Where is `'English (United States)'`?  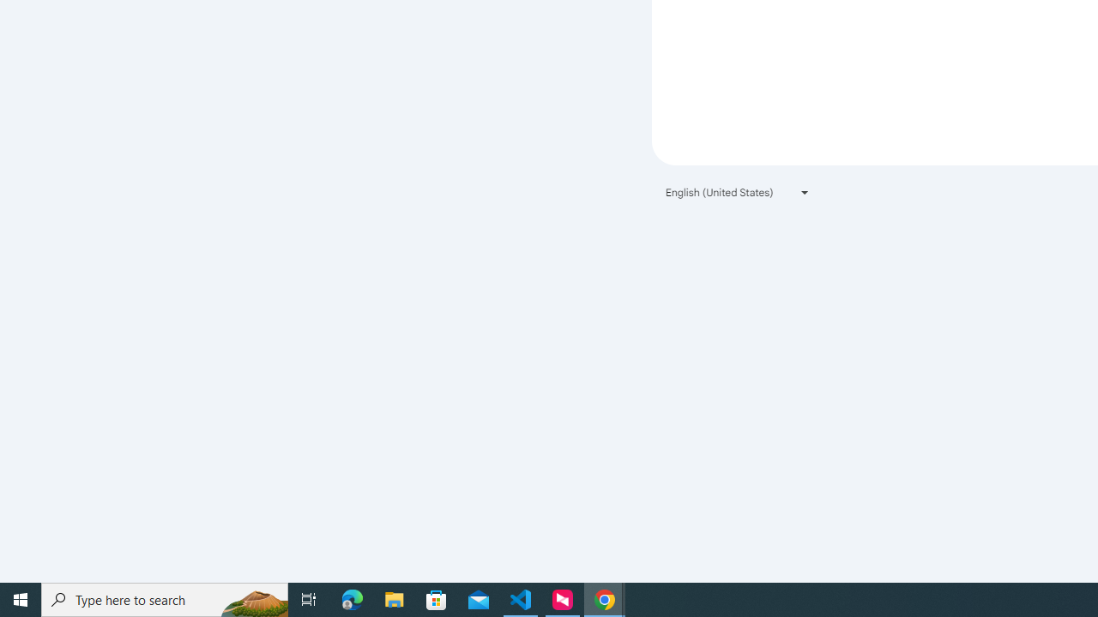
'English (United States)' is located at coordinates (738, 192).